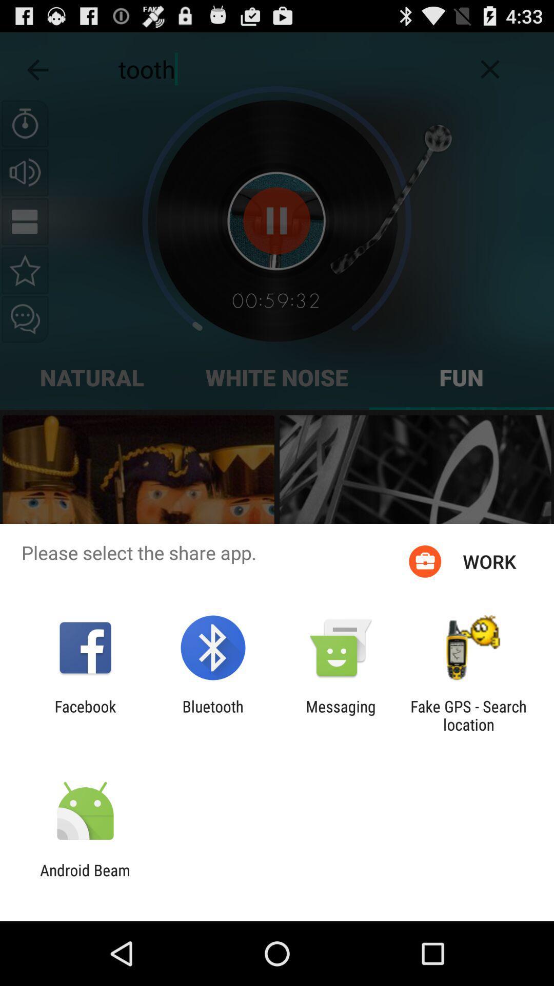 The image size is (554, 986). I want to click on app at the bottom right corner, so click(468, 715).